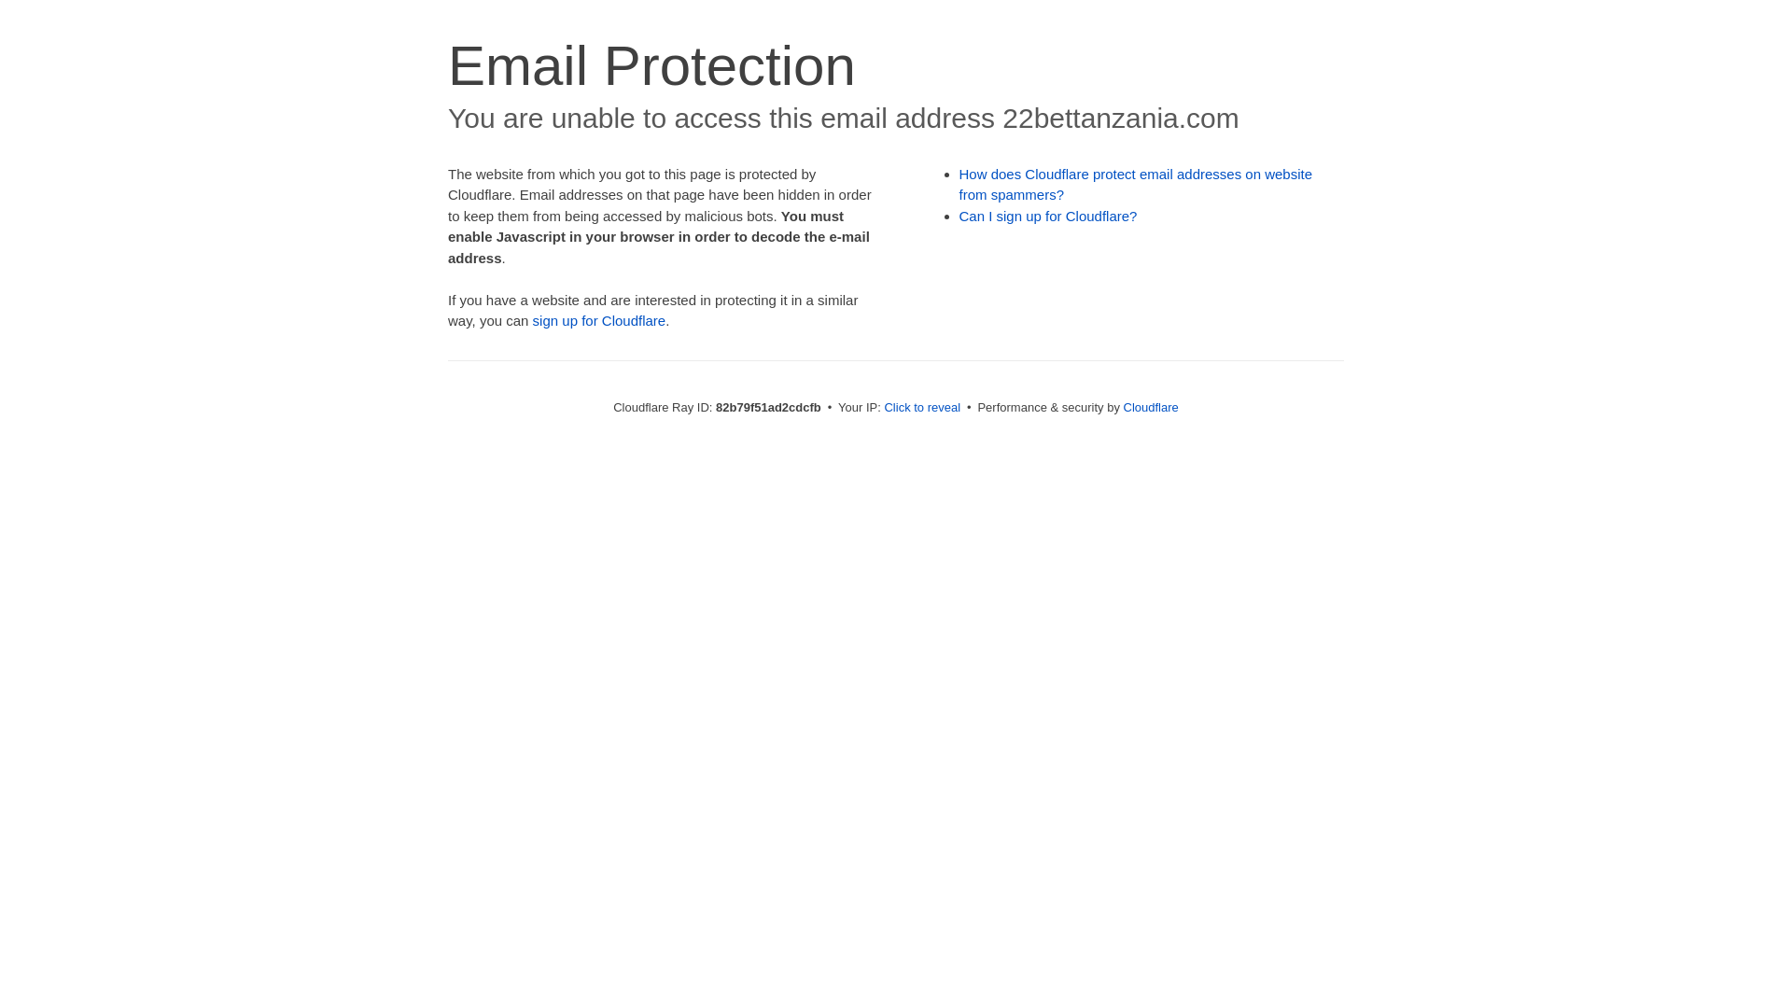 Image resolution: width=1792 pixels, height=1008 pixels. What do you see at coordinates (922, 406) in the screenshot?
I see `'Click to reveal'` at bounding box center [922, 406].